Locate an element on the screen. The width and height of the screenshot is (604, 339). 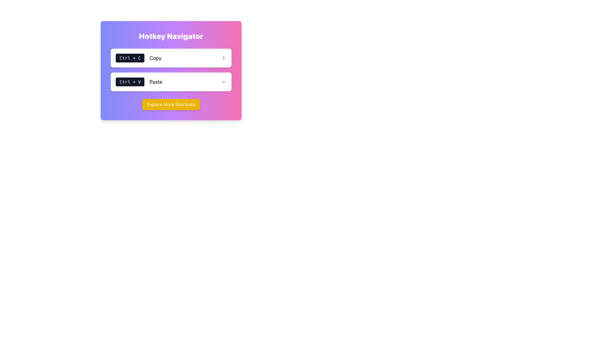
the Label element displaying 'Ctrl + V', which is visually distinct with white text on a dark rounded rectangular background, positioned to the left of the 'Paste' text is located at coordinates (130, 82).